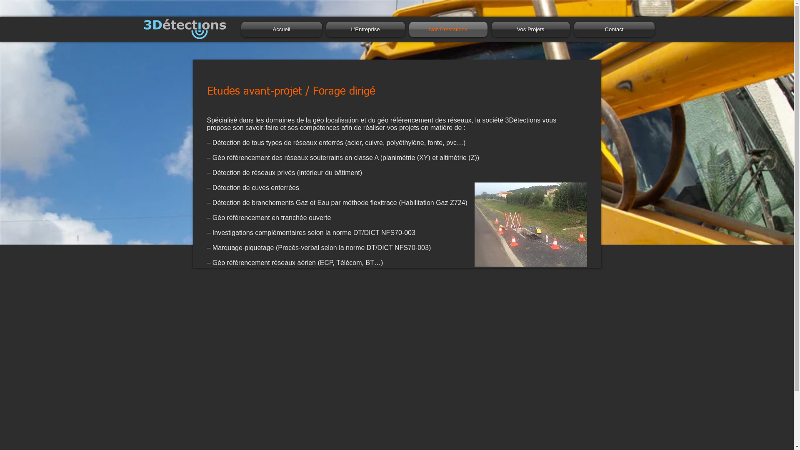  I want to click on 'Nos Prestations', so click(447, 29).